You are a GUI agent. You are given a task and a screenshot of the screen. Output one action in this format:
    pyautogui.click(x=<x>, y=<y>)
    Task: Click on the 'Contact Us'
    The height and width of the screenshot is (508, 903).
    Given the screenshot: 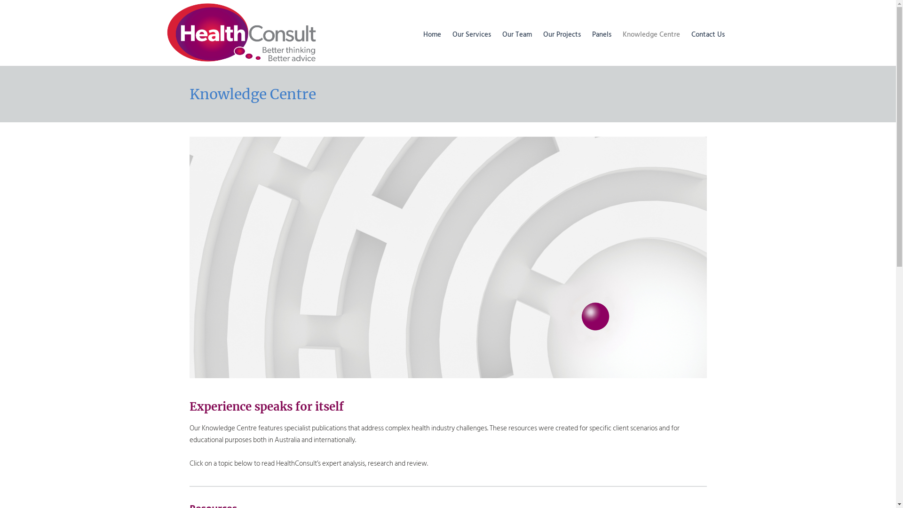 What is the action you would take?
    pyautogui.click(x=708, y=34)
    